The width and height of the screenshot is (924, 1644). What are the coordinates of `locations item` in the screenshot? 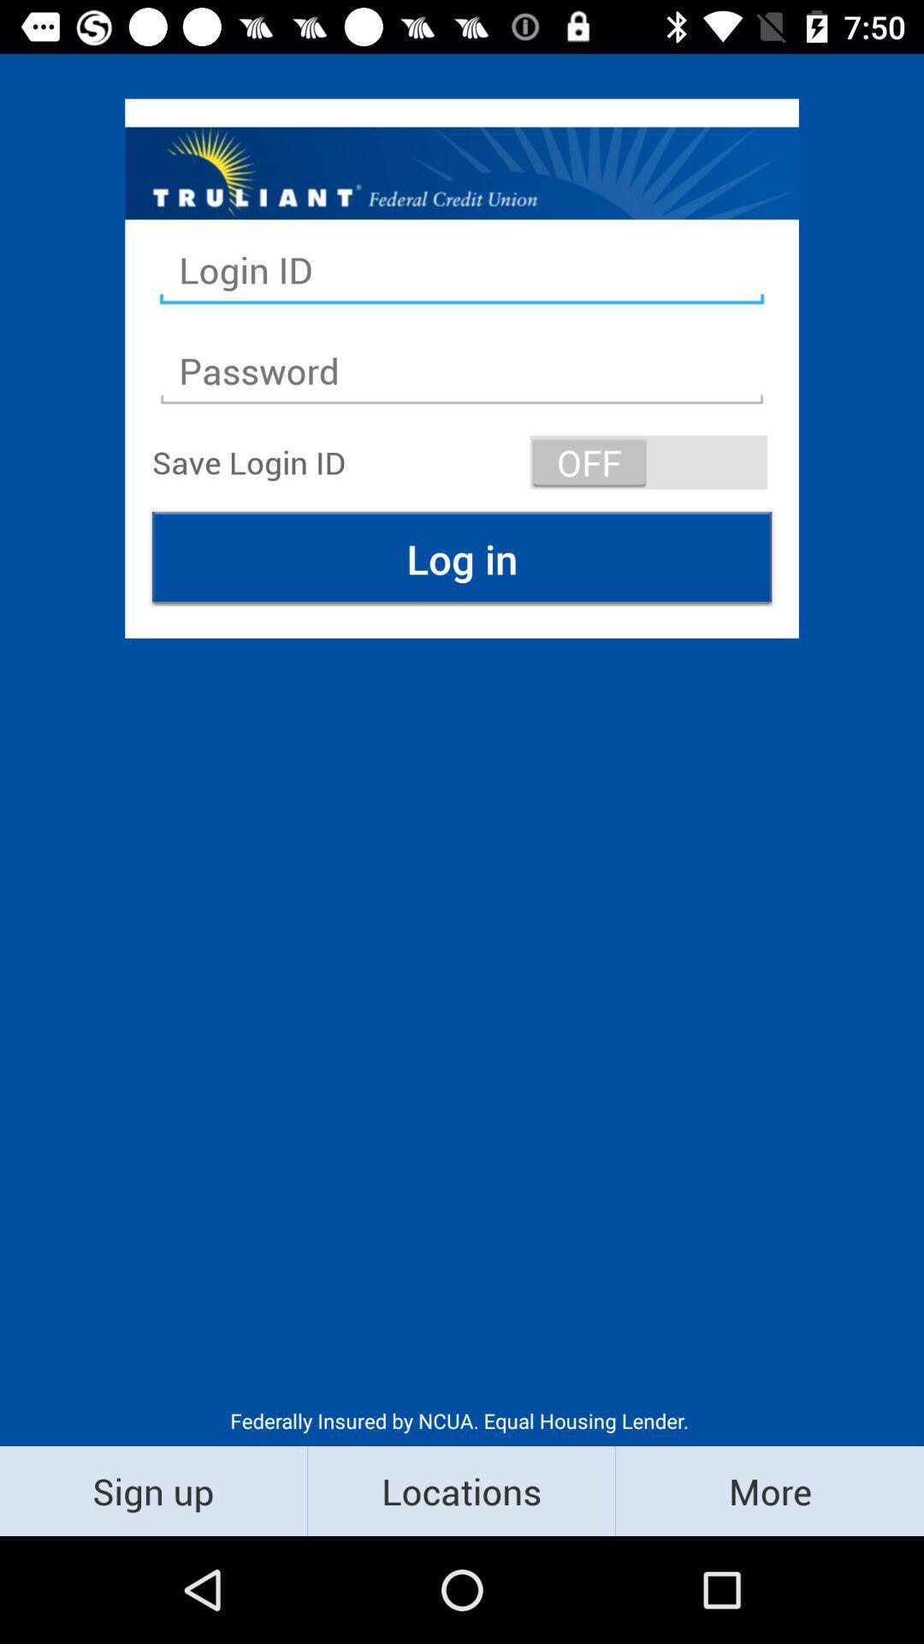 It's located at (460, 1490).